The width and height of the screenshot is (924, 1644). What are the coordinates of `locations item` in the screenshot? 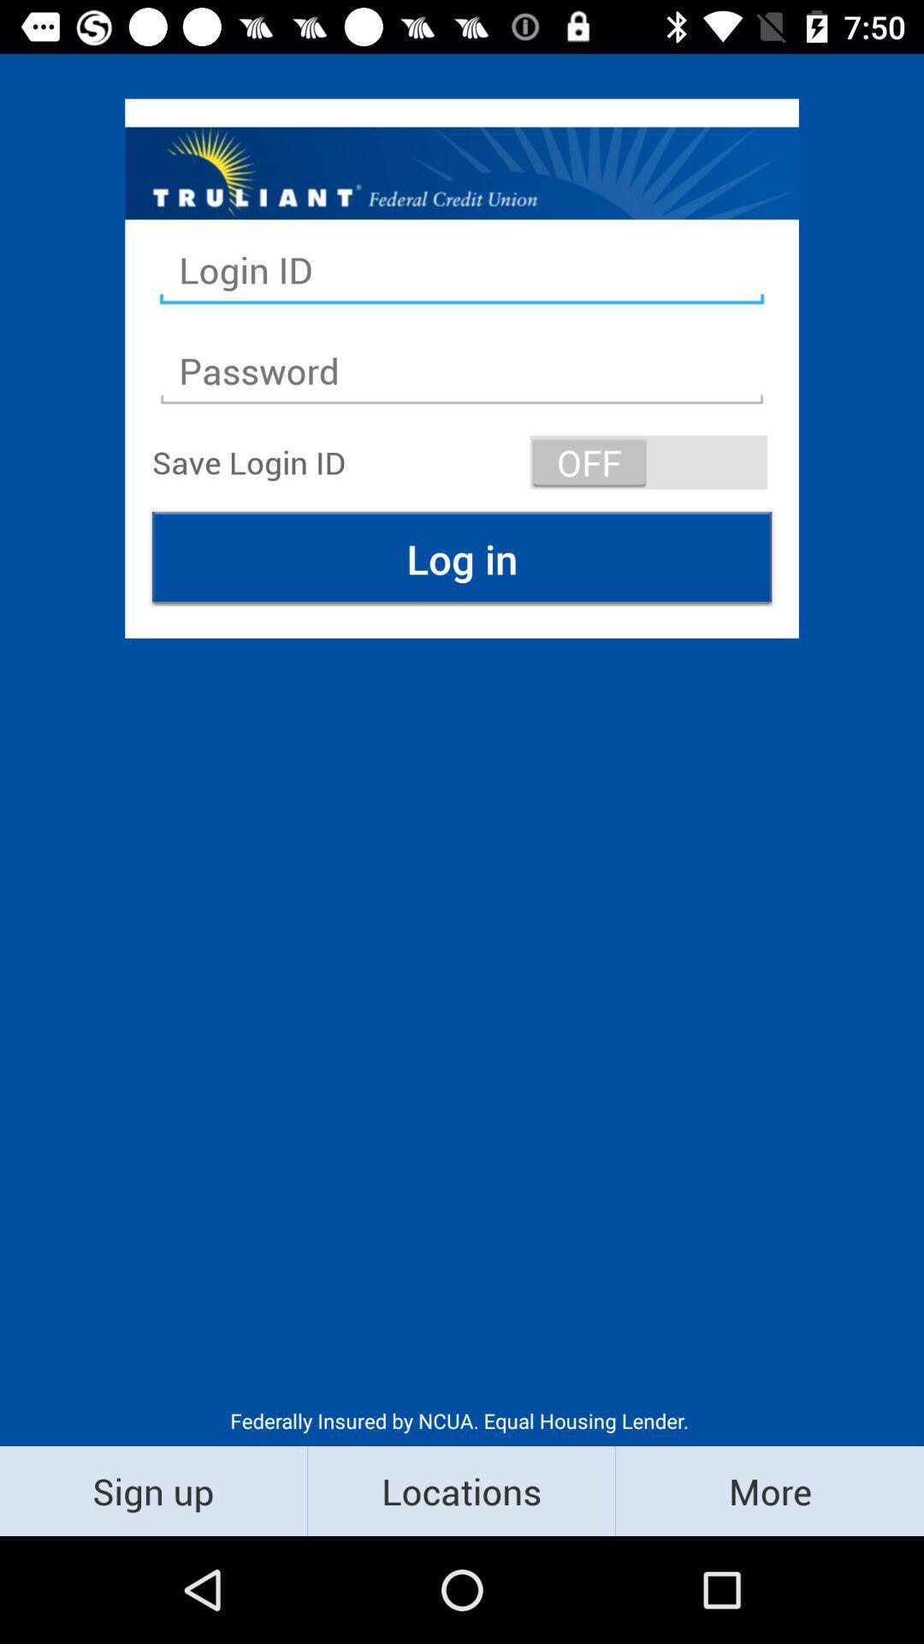 It's located at (460, 1490).